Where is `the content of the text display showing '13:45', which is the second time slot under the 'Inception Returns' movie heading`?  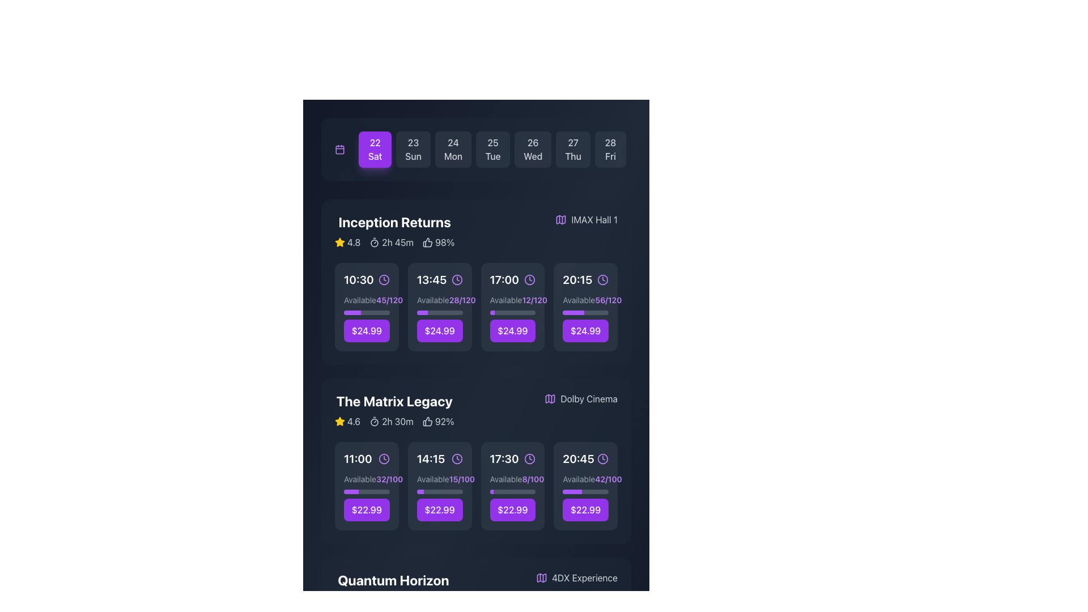
the content of the text display showing '13:45', which is the second time slot under the 'Inception Returns' movie heading is located at coordinates (431, 279).